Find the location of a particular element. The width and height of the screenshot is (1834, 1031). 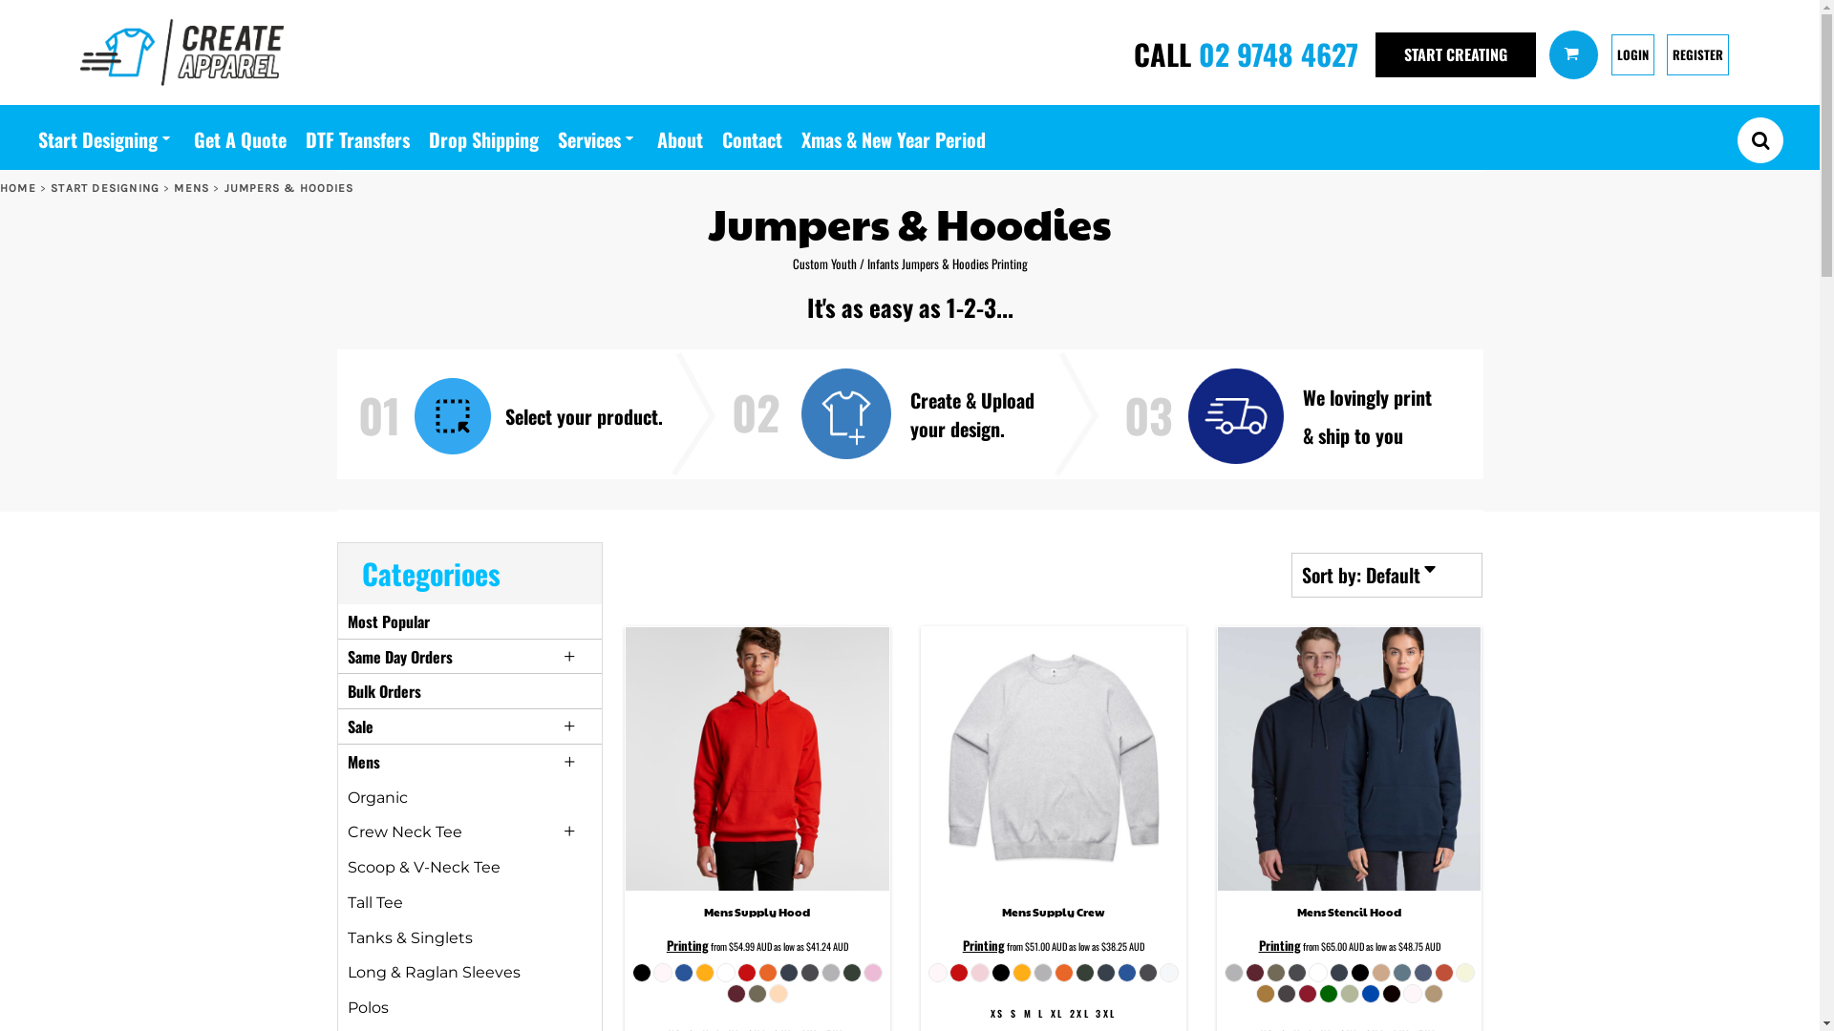

'START DESIGNING' is located at coordinates (50, 187).